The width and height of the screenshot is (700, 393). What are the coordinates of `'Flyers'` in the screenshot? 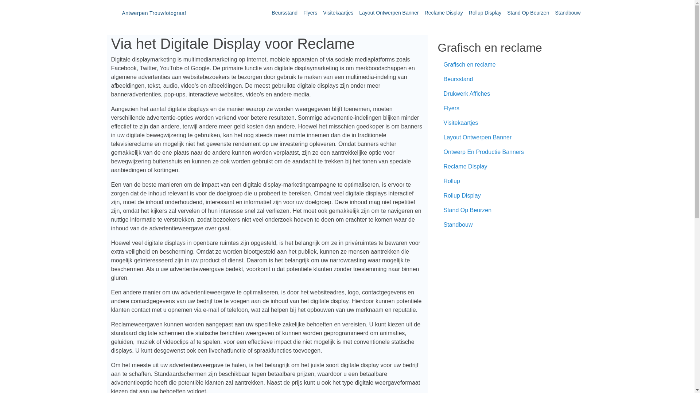 It's located at (437, 108).